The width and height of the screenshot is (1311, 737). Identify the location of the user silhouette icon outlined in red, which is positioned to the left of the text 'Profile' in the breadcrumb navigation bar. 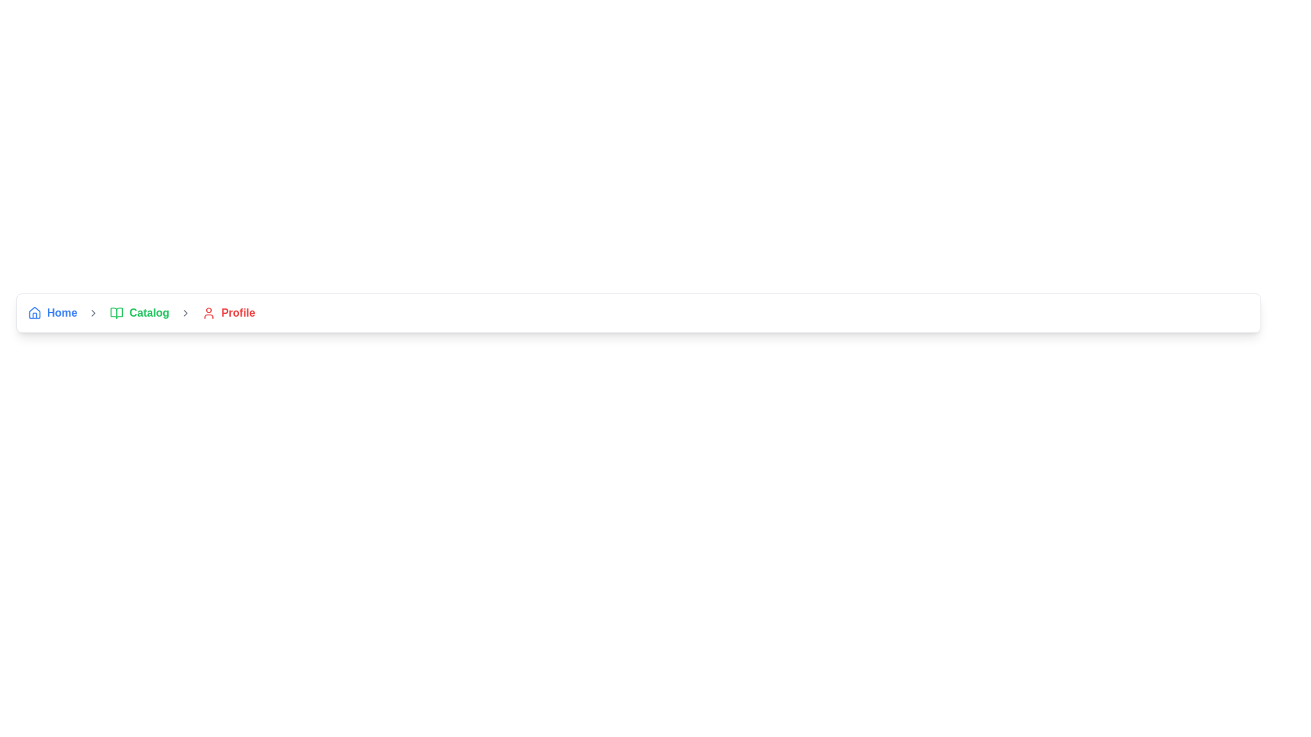
(208, 313).